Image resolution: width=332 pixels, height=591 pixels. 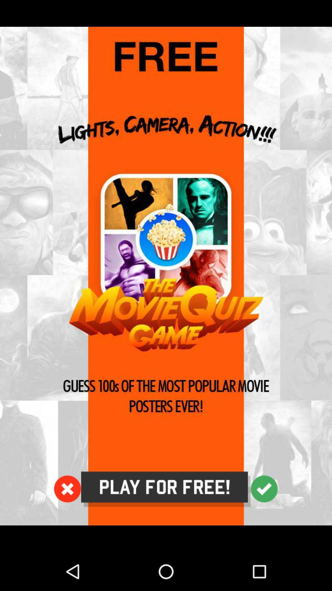 I want to click on start using the app for free, so click(x=165, y=489).